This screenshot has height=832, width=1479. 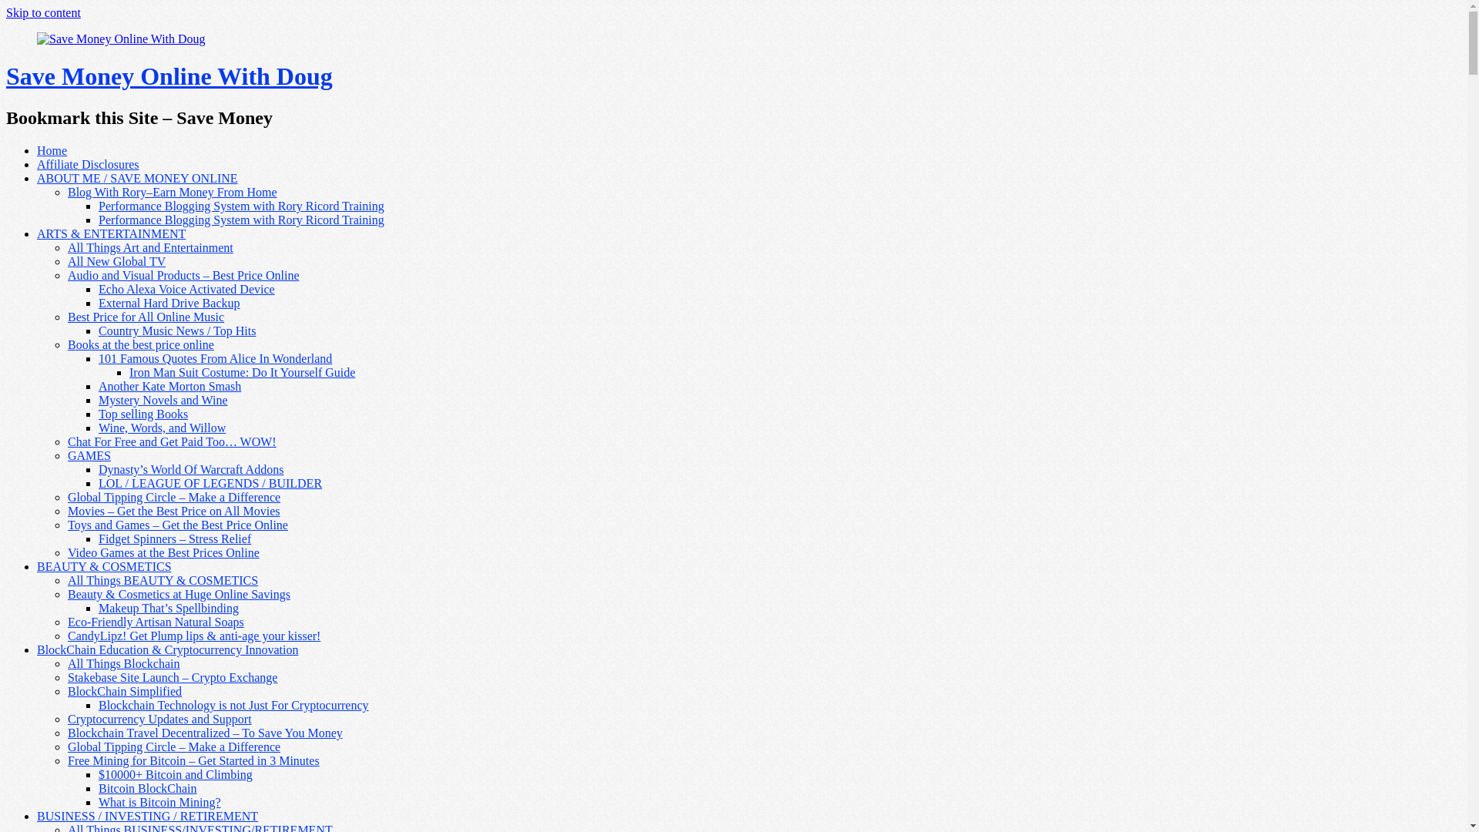 What do you see at coordinates (159, 719) in the screenshot?
I see `'Cryptocurrency Updates and Support'` at bounding box center [159, 719].